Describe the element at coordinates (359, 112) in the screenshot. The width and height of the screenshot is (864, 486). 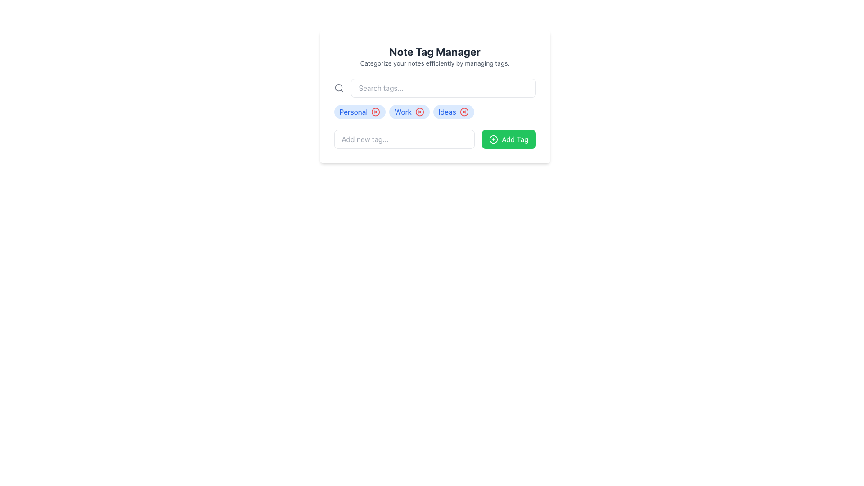
I see `the 'Personal' tag element` at that location.